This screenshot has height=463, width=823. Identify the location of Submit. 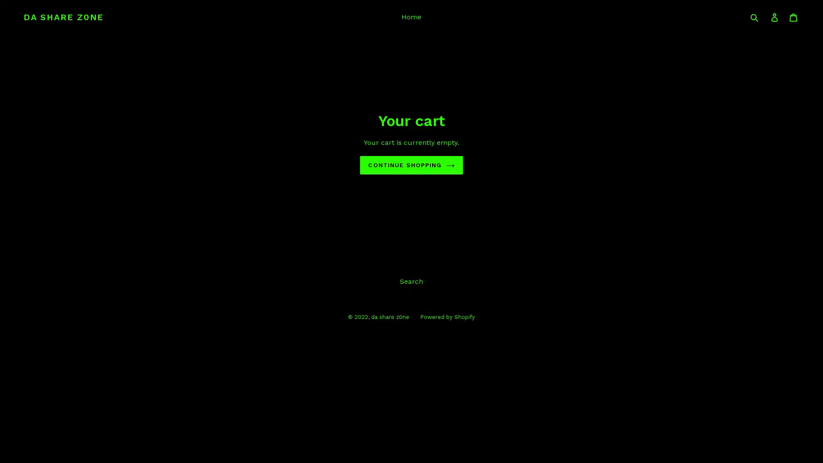
(755, 17).